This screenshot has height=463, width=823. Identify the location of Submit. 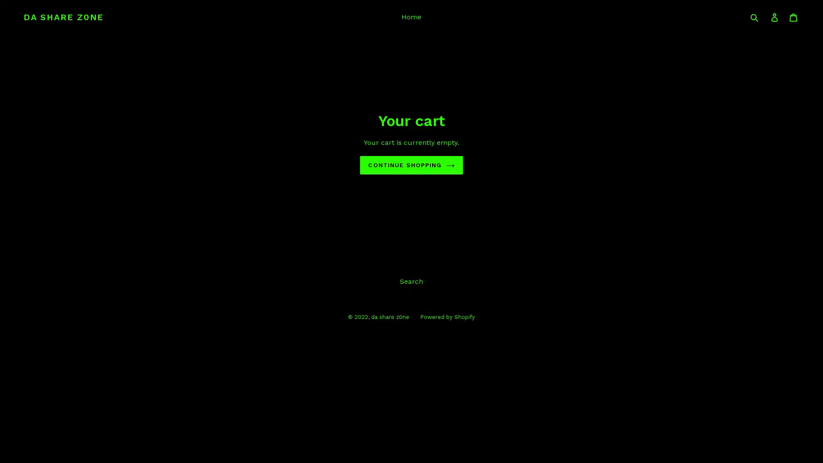
(755, 17).